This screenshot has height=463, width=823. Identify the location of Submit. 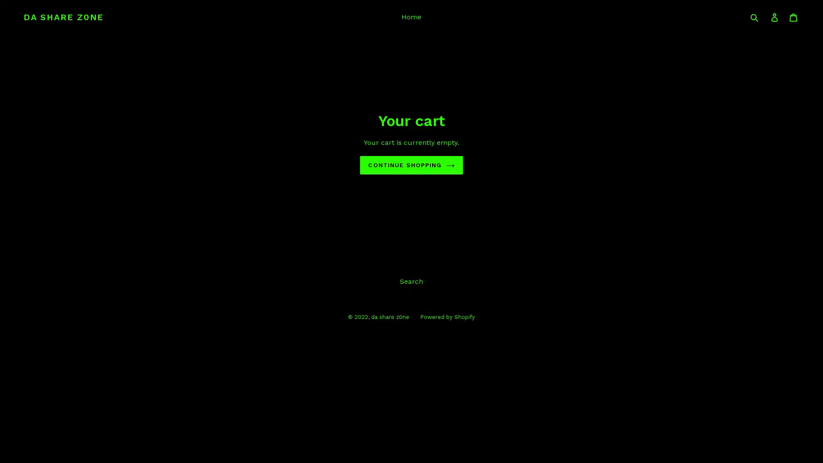
(755, 17).